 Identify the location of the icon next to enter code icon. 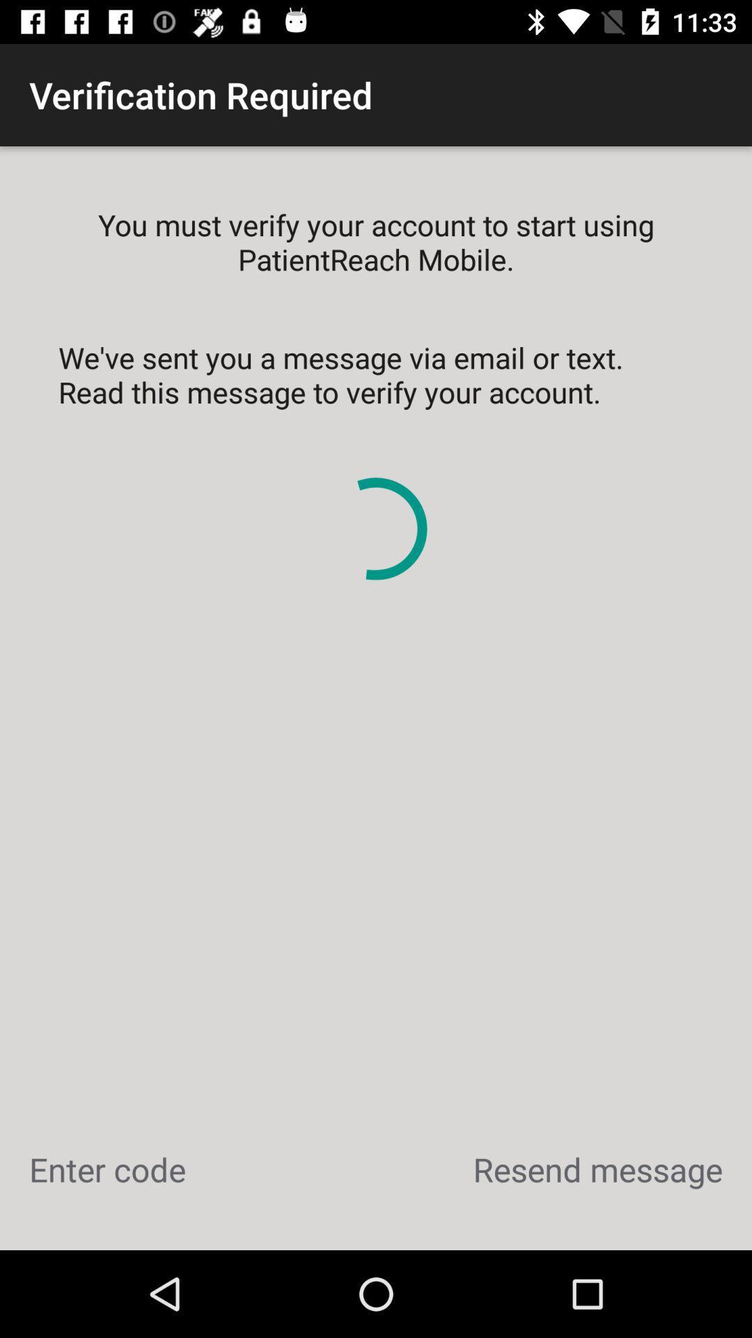
(597, 1169).